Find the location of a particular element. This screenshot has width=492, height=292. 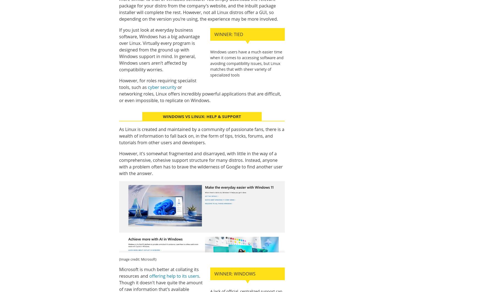

'Winner: Tied' is located at coordinates (228, 34).